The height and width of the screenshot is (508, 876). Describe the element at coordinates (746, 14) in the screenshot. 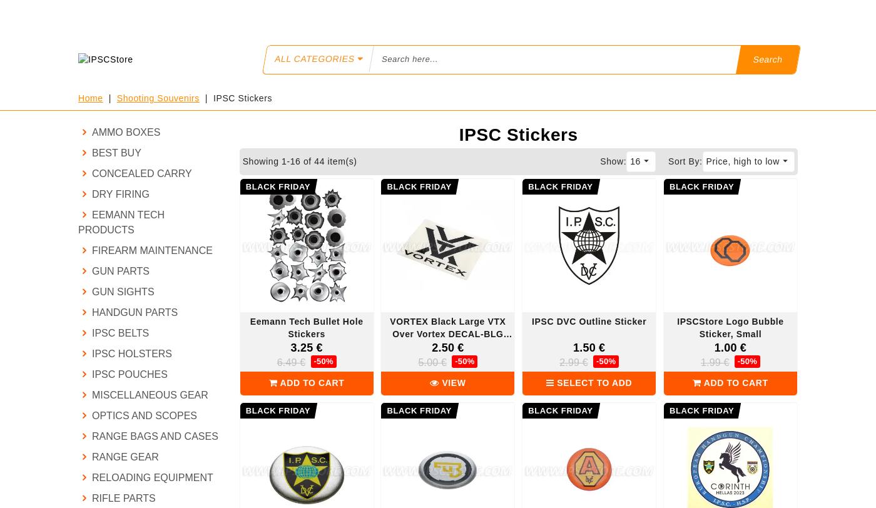

I see `'My Cart'` at that location.